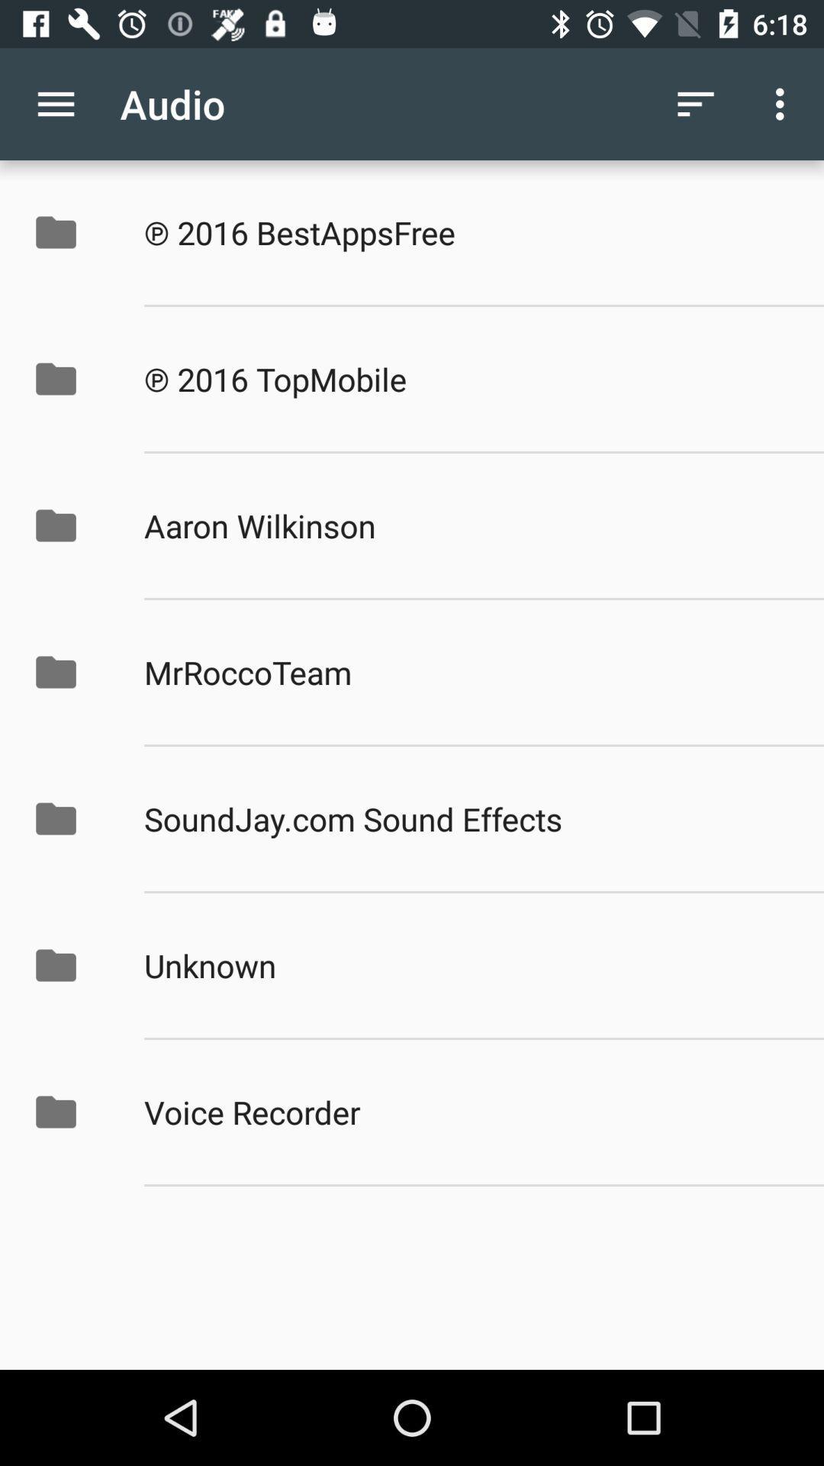  What do you see at coordinates (72, 379) in the screenshot?
I see `the icon which is left side of the 2016 topmobile` at bounding box center [72, 379].